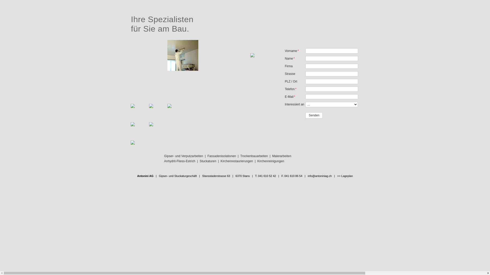 Image resolution: width=490 pixels, height=275 pixels. What do you see at coordinates (314, 115) in the screenshot?
I see `'Senden'` at bounding box center [314, 115].